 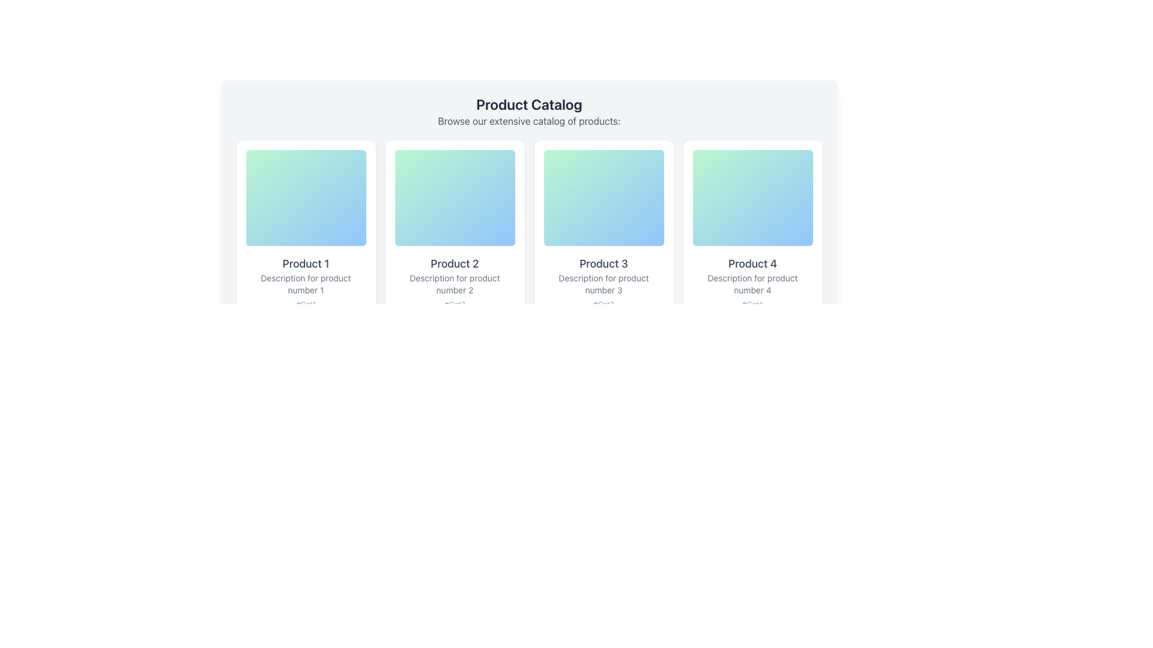 I want to click on the textual description that reads 'Description for product number 3', which is positioned below the heading 'Product 3' within the product card layout, so click(x=604, y=284).